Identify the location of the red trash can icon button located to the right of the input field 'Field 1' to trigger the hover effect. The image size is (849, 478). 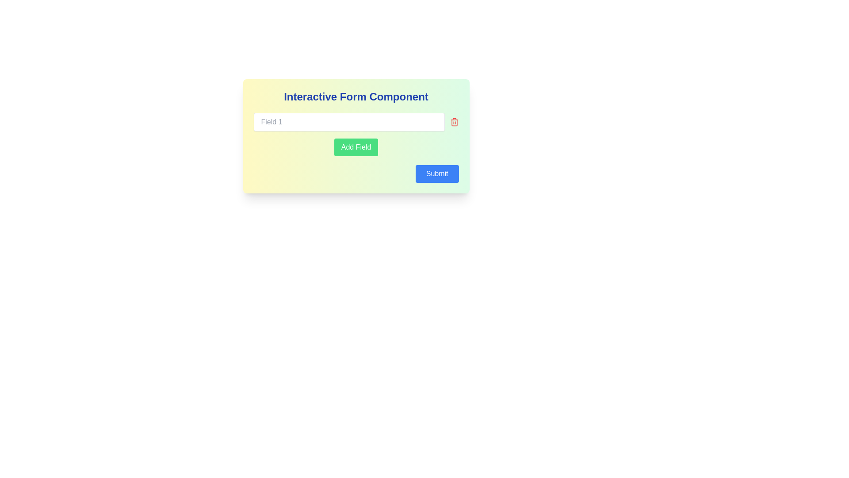
(454, 122).